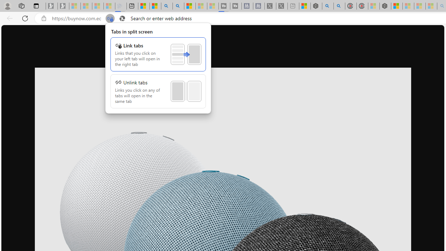 This screenshot has width=446, height=251. What do you see at coordinates (158, 68) in the screenshot?
I see `'Tabs in split screen'` at bounding box center [158, 68].